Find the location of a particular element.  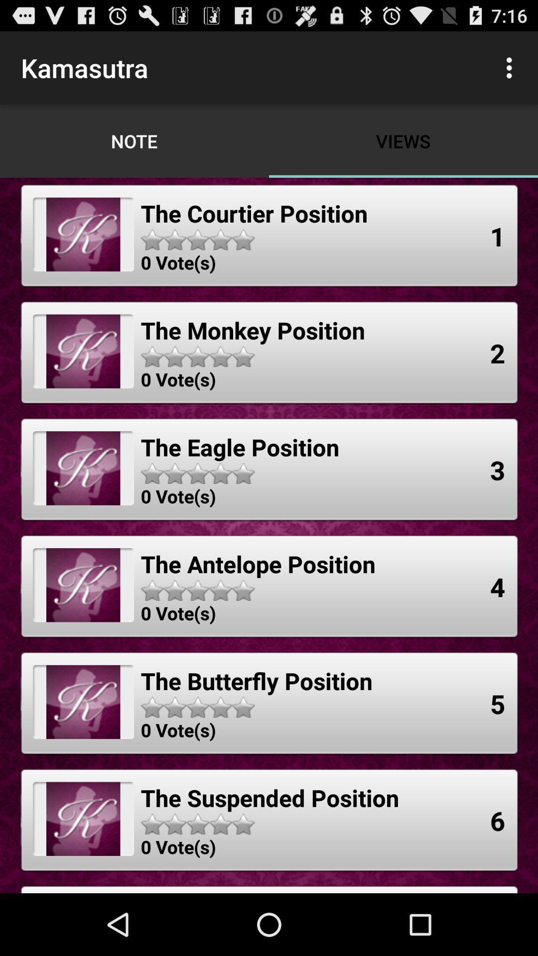

the the antelope position item is located at coordinates (258, 564).